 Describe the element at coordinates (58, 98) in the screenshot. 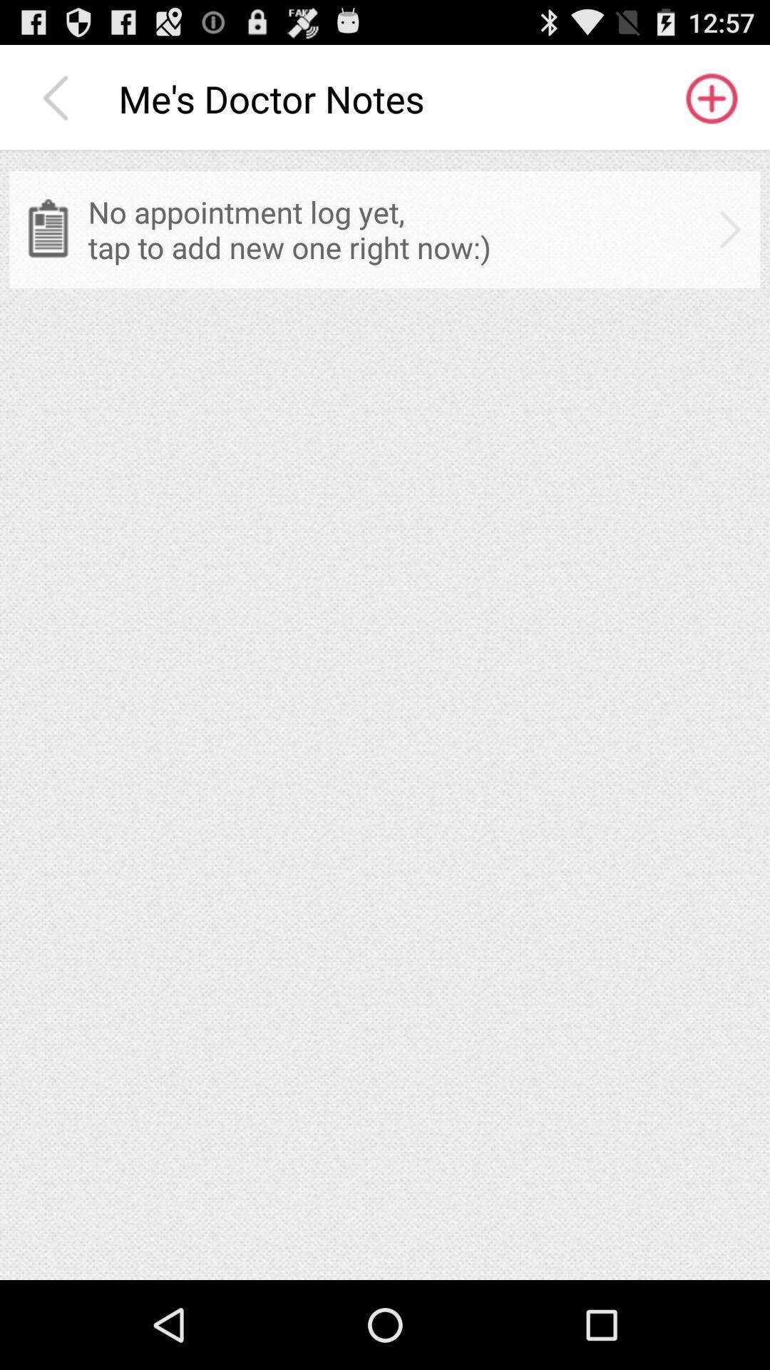

I see `the app above the no appointment log app` at that location.